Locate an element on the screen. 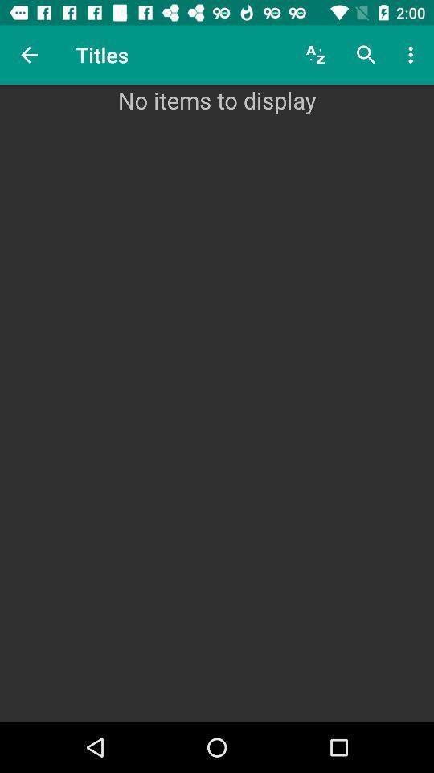 The width and height of the screenshot is (434, 773). item next to titles item is located at coordinates (316, 55).